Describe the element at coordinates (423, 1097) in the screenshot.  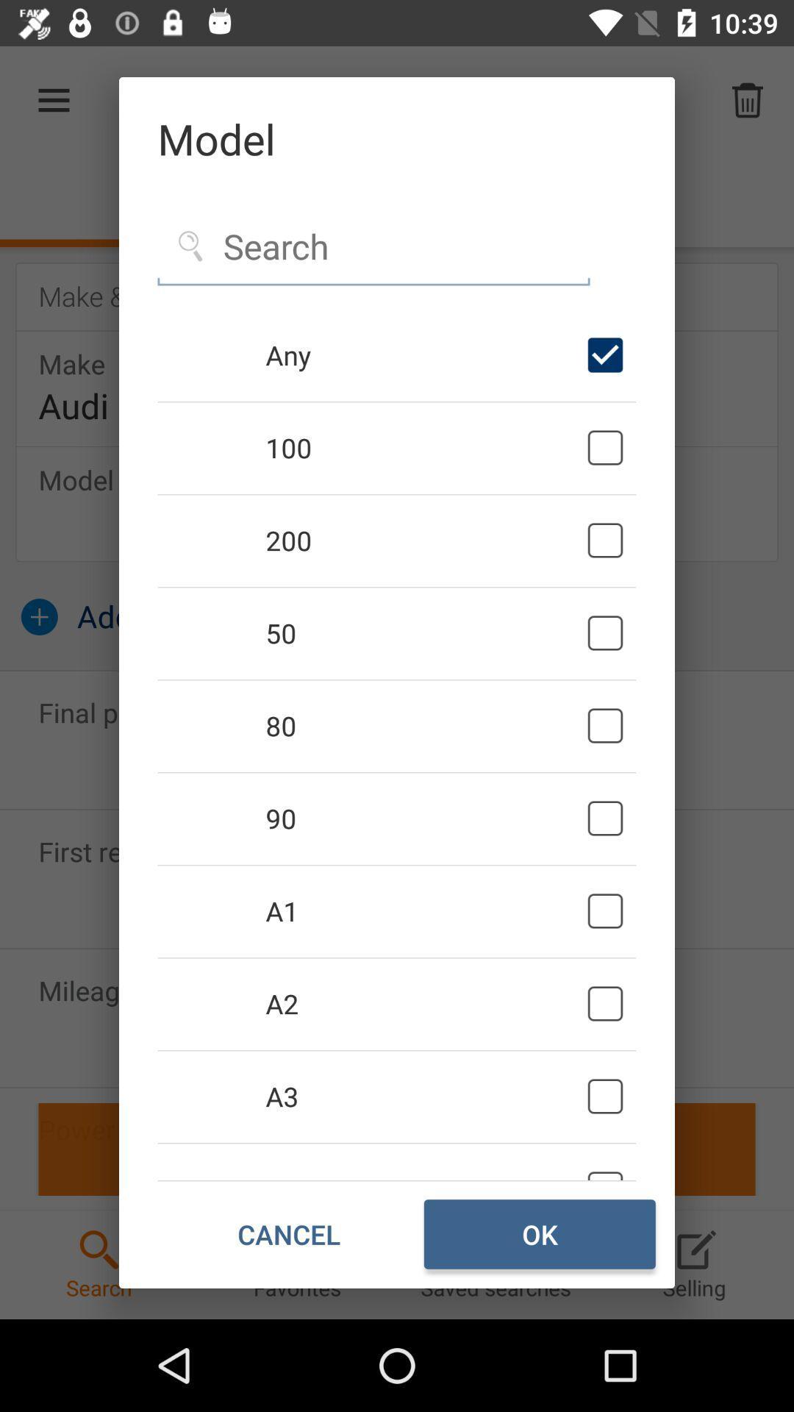
I see `the icon above the a4 item` at that location.